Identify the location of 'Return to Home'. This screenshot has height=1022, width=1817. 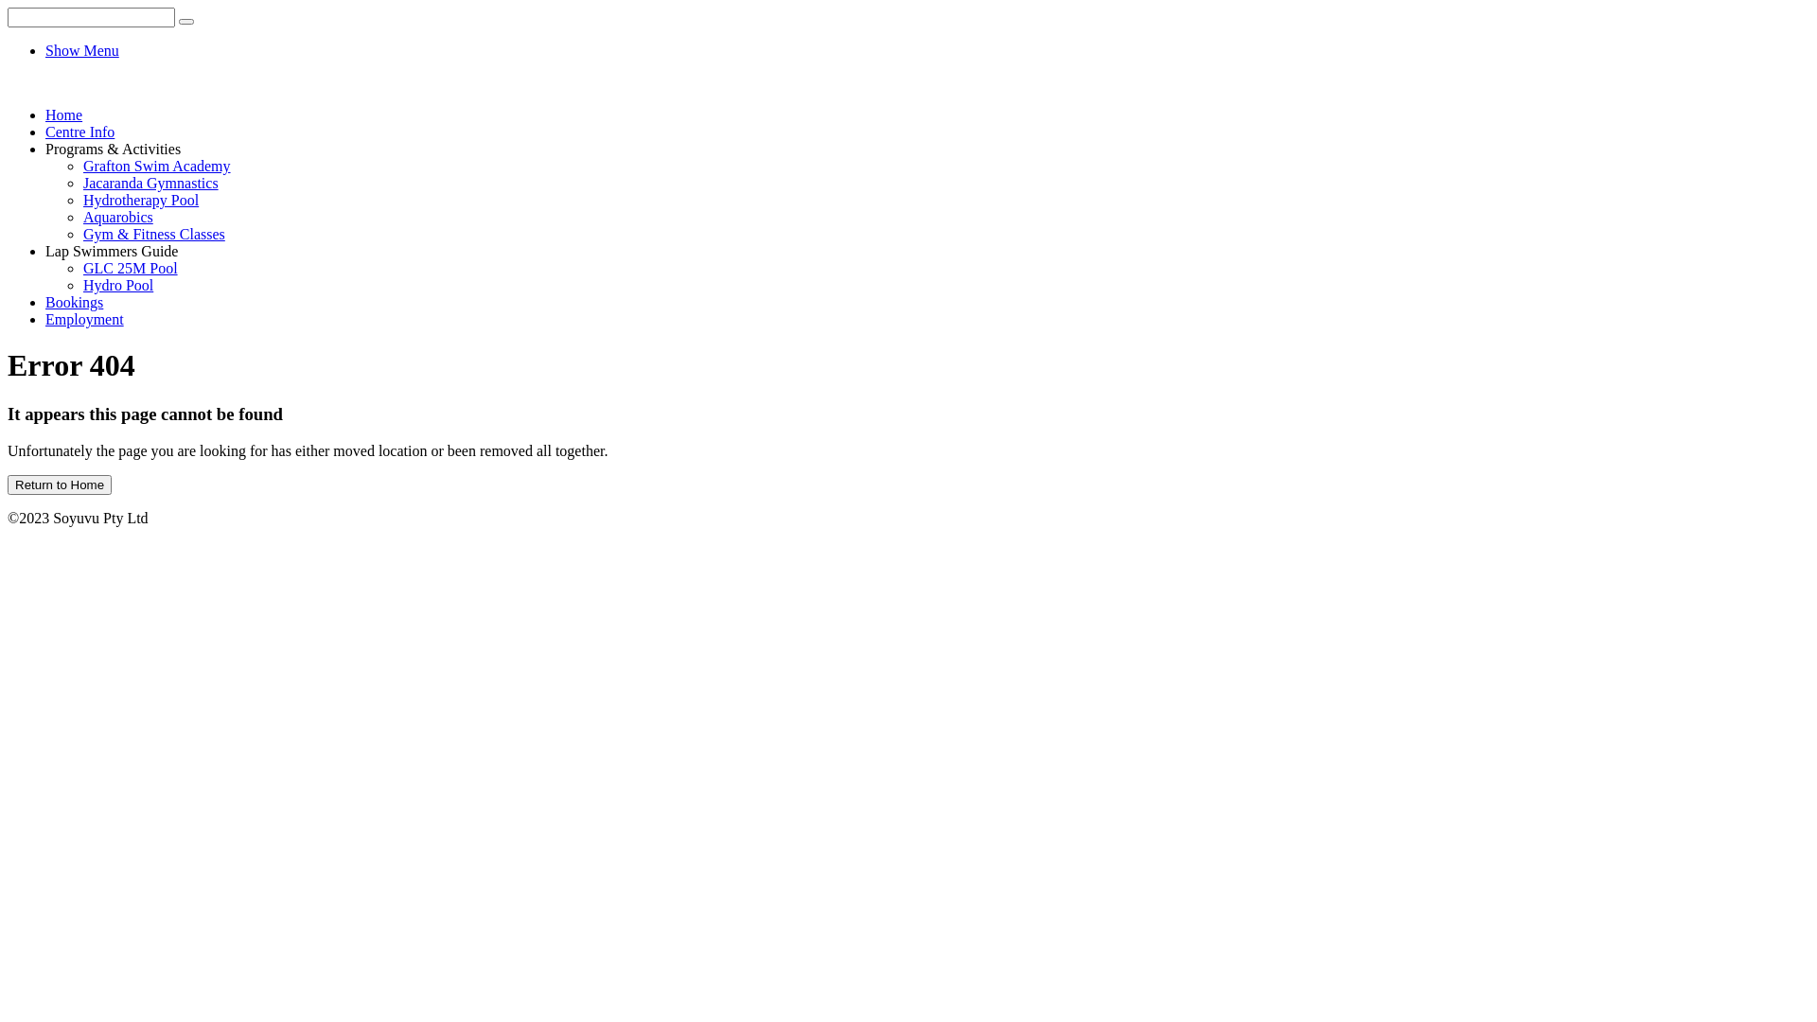
(59, 484).